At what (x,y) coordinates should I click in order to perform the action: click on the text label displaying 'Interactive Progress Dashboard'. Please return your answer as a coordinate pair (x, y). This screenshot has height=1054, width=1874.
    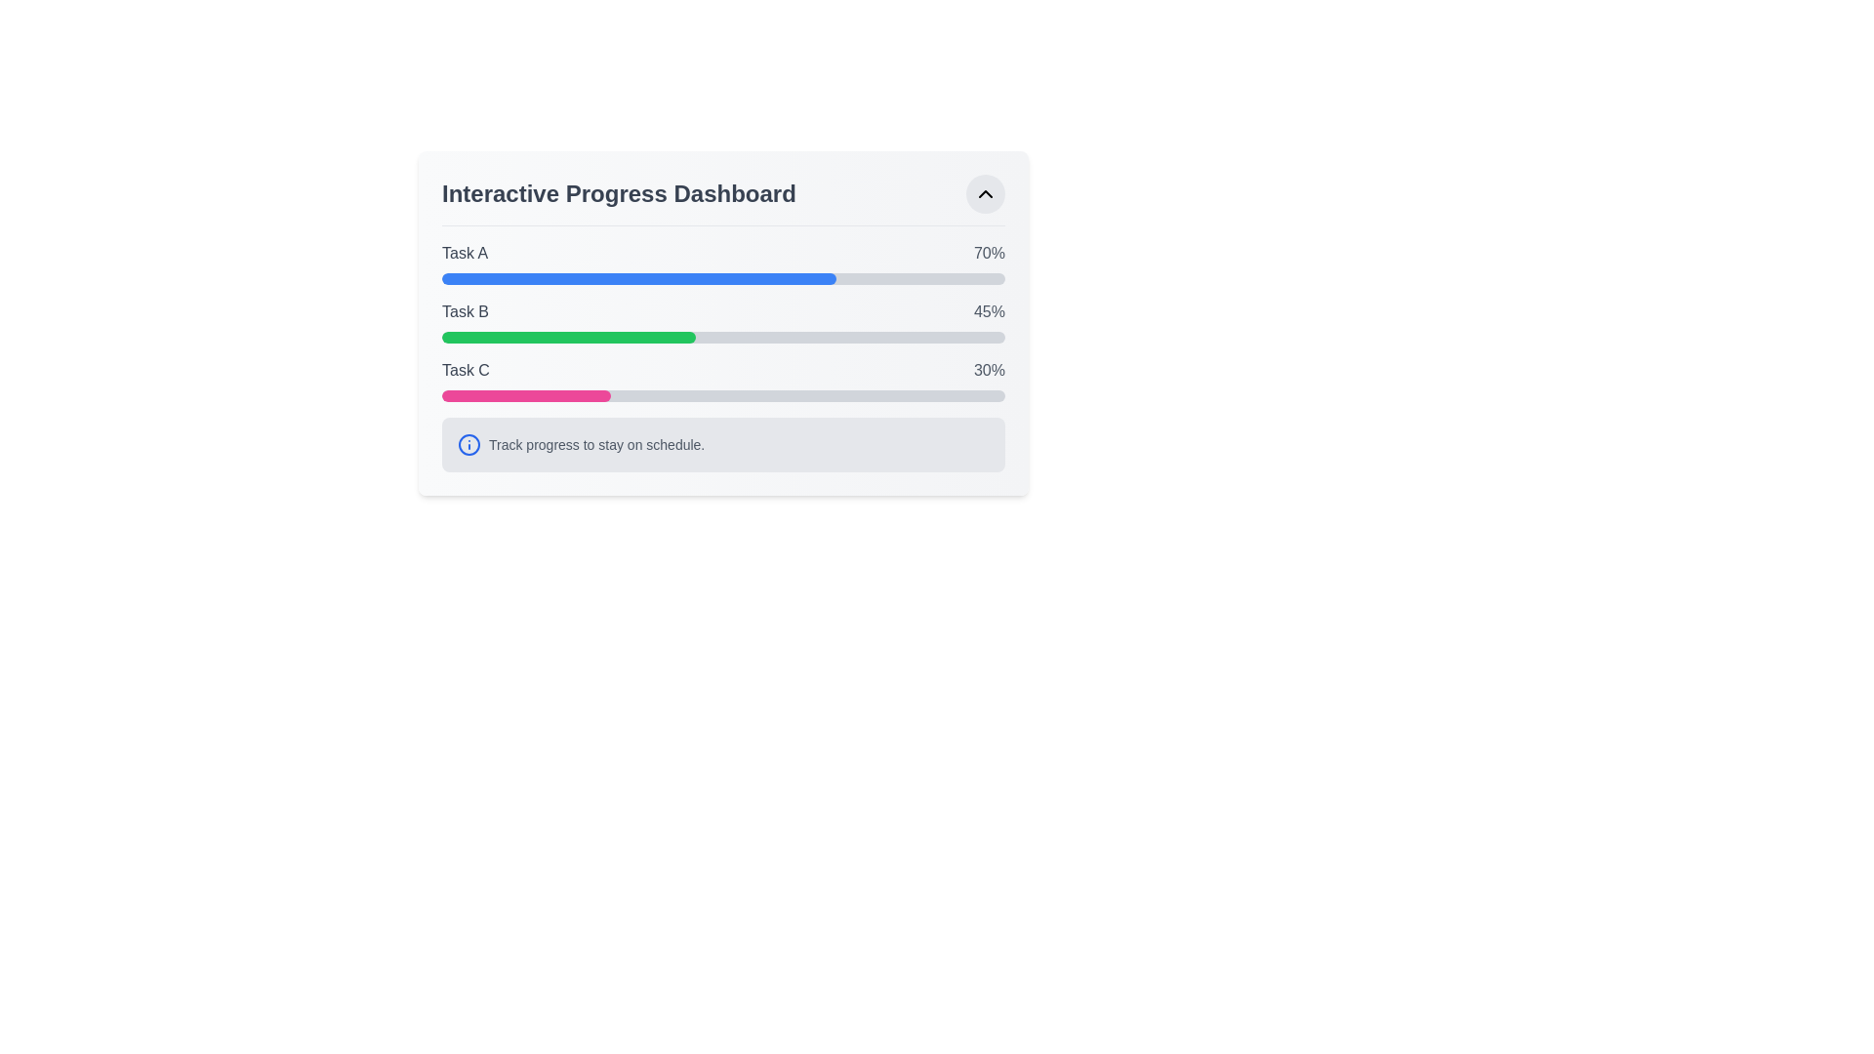
    Looking at the image, I should click on (618, 194).